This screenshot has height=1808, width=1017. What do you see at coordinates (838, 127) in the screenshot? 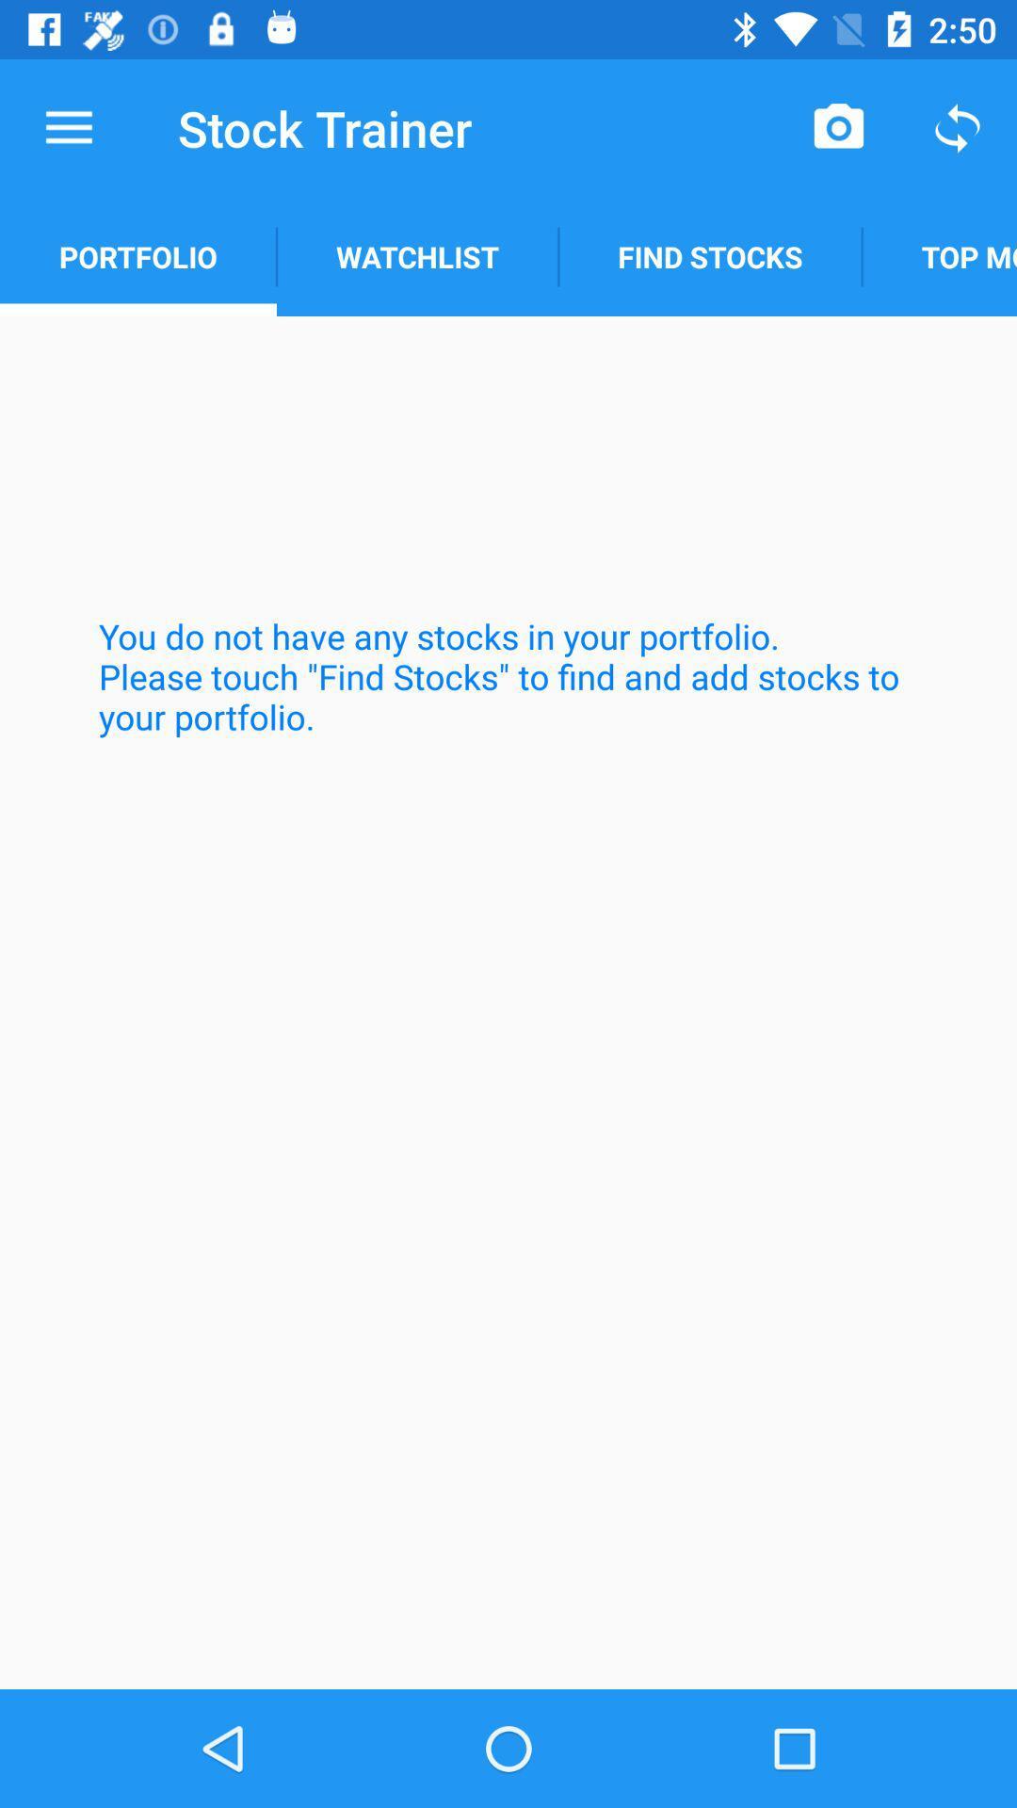
I see `item to the right of the watchlist` at bounding box center [838, 127].